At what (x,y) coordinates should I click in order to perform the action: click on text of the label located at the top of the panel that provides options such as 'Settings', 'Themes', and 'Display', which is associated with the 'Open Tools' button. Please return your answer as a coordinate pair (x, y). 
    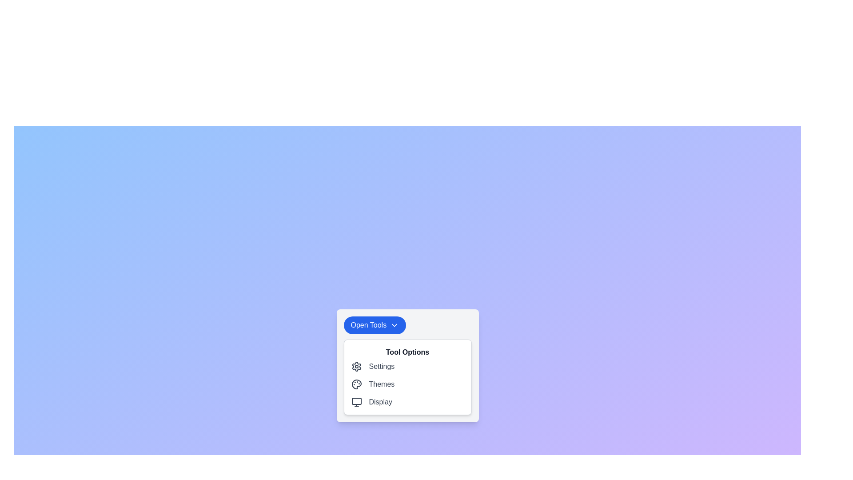
    Looking at the image, I should click on (407, 352).